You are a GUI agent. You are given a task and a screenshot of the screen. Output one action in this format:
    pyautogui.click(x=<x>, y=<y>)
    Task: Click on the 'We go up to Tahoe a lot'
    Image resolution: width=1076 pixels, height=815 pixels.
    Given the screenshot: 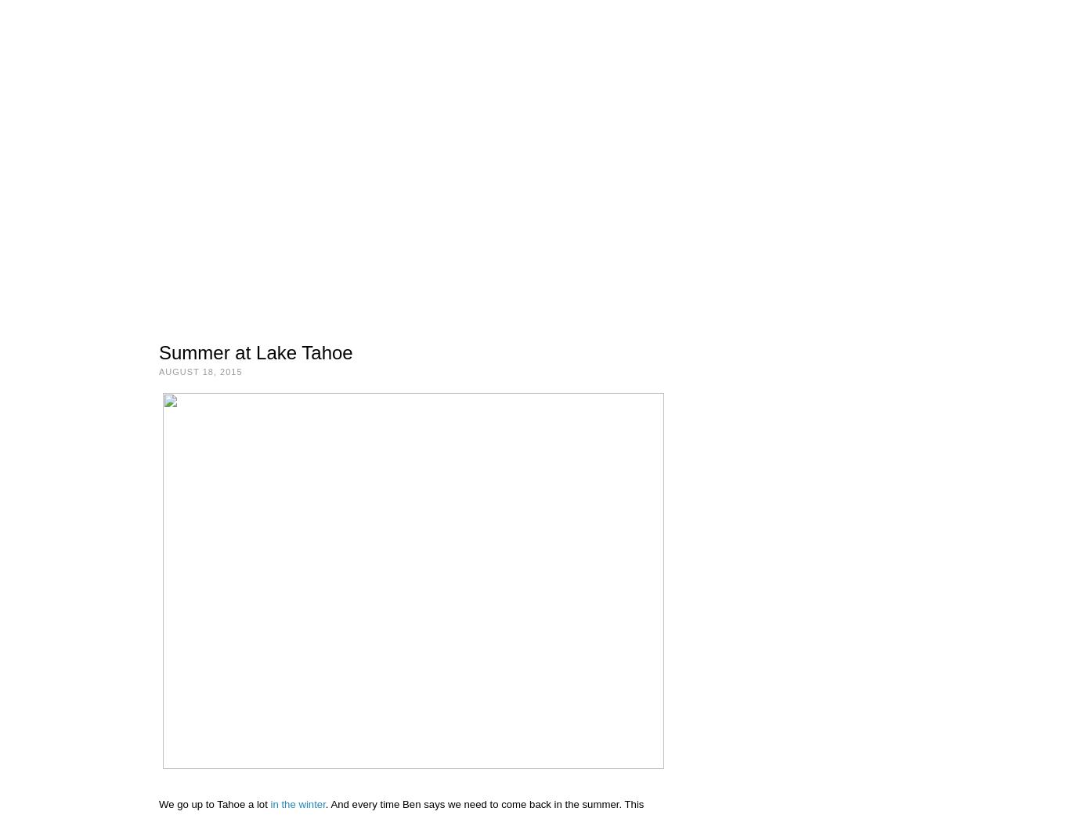 What is the action you would take?
    pyautogui.click(x=213, y=804)
    